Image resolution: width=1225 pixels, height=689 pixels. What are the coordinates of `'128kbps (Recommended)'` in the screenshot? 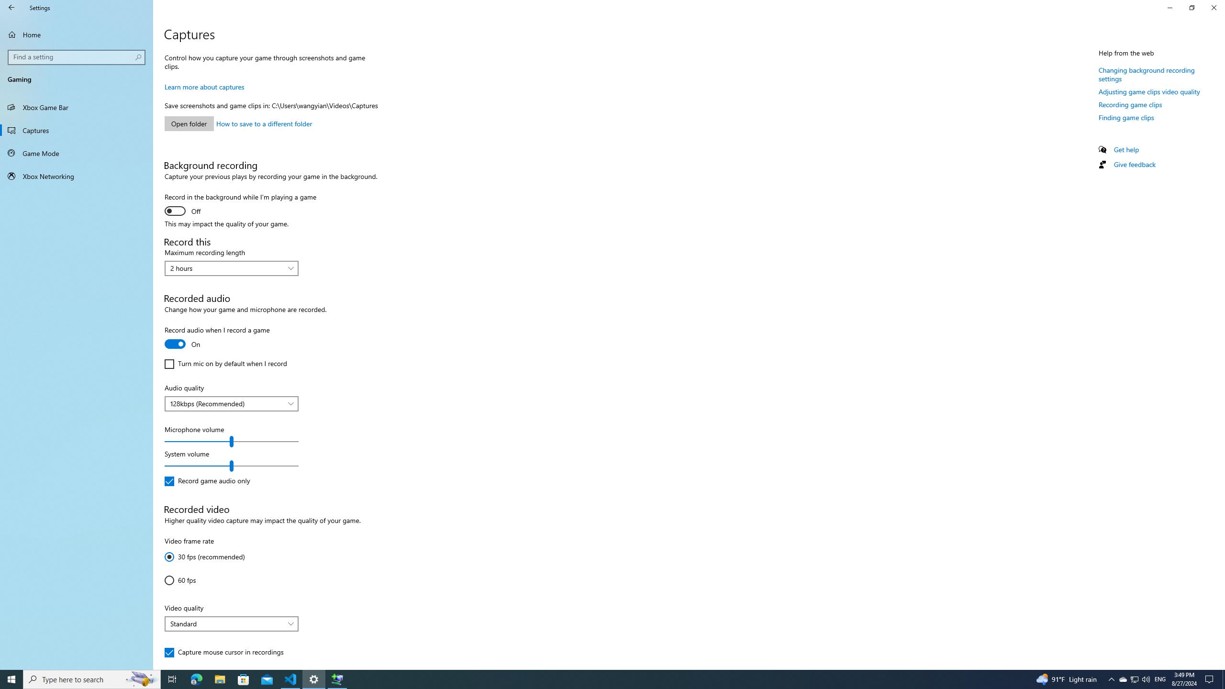 It's located at (226, 403).